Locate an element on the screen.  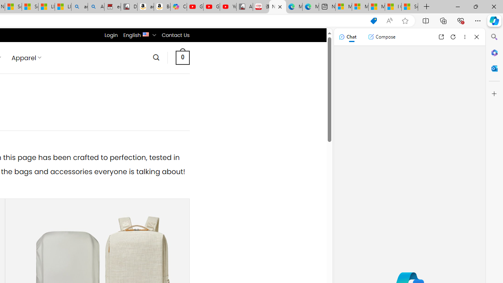
'Chat' is located at coordinates (347, 37).